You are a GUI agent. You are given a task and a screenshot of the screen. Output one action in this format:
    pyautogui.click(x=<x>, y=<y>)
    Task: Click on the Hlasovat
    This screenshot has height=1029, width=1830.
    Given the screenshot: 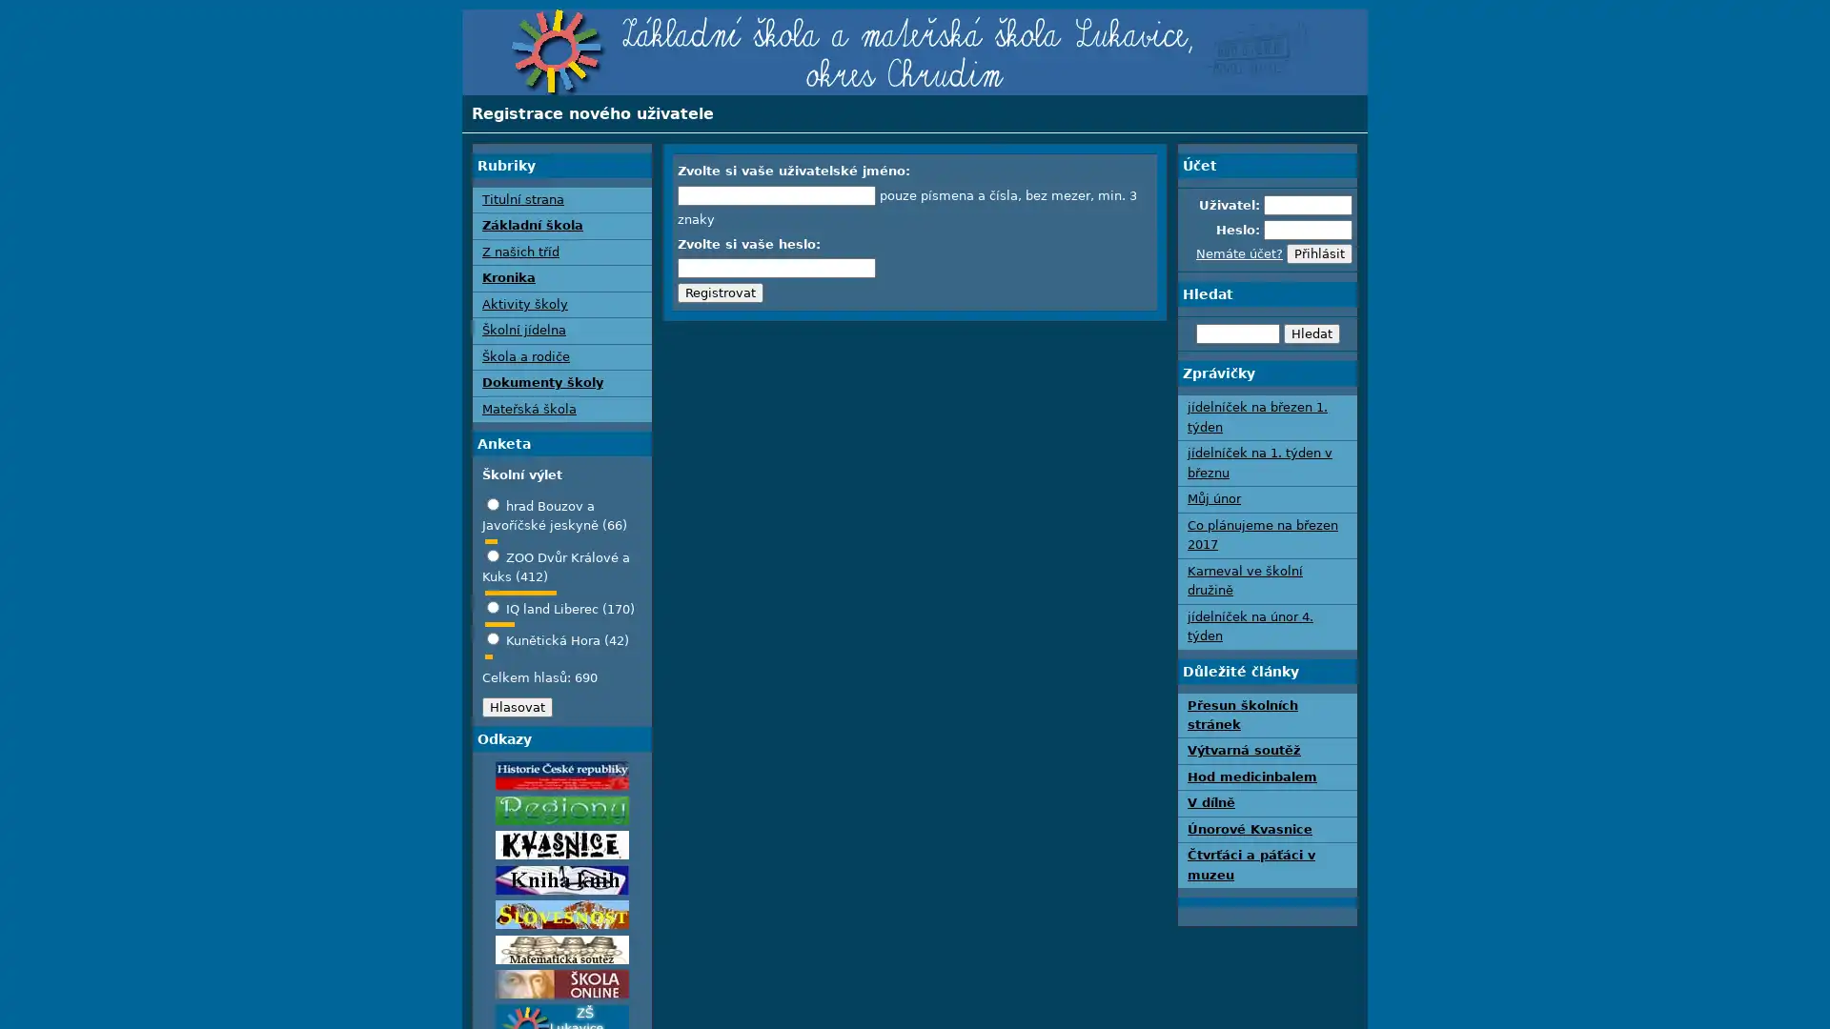 What is the action you would take?
    pyautogui.click(x=517, y=706)
    